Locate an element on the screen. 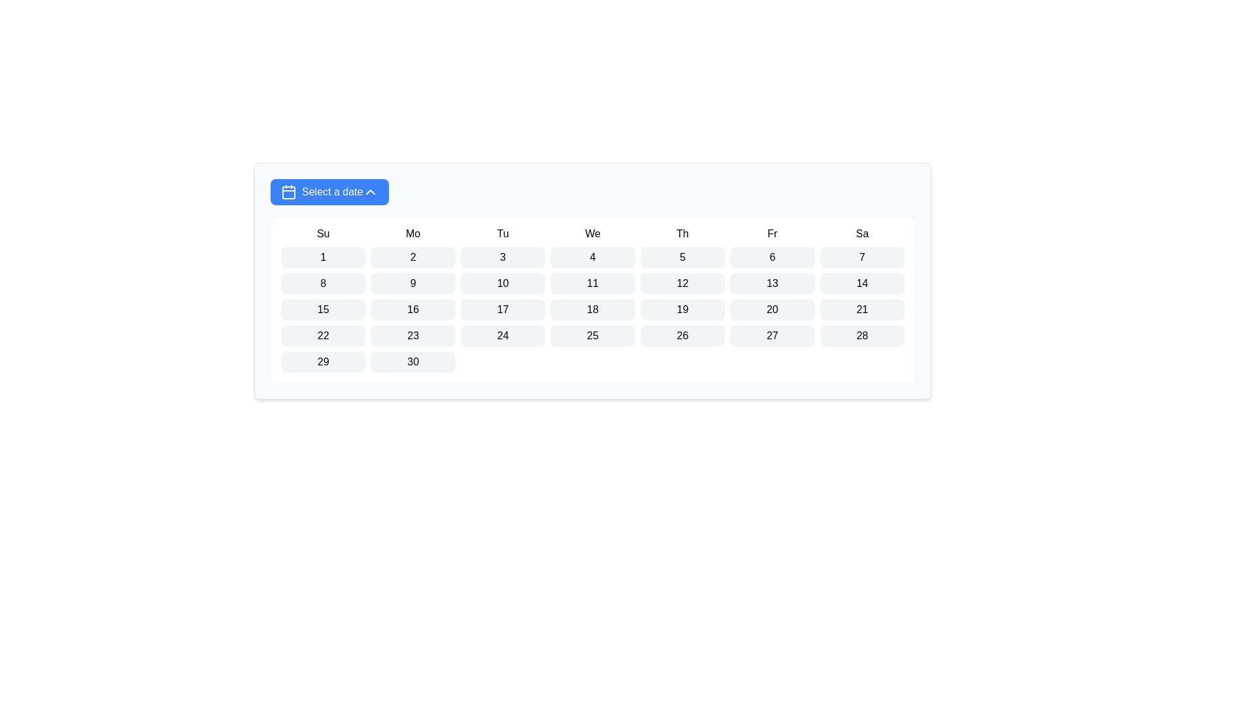 The image size is (1255, 706). keyboard navigation is located at coordinates (772, 310).